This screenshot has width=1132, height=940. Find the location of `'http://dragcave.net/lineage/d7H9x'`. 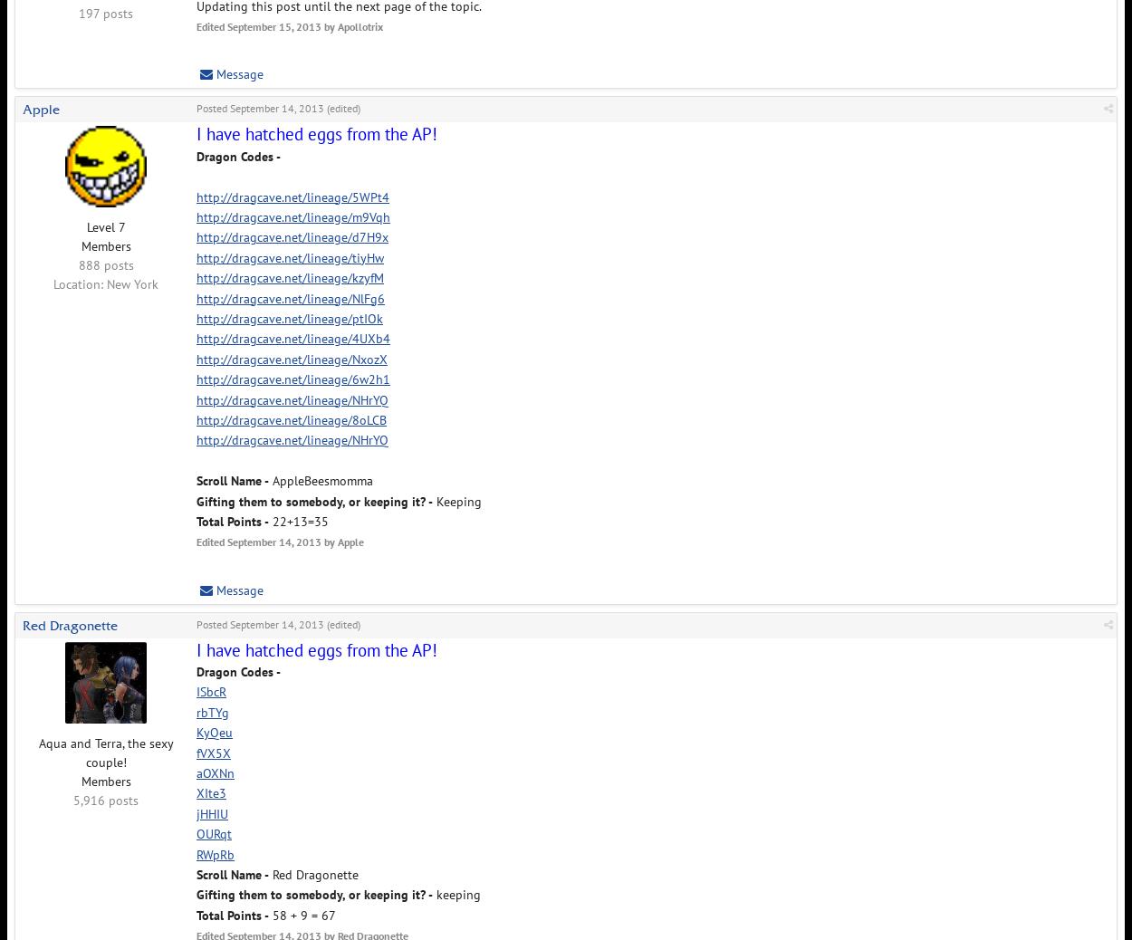

'http://dragcave.net/lineage/d7H9x' is located at coordinates (292, 236).